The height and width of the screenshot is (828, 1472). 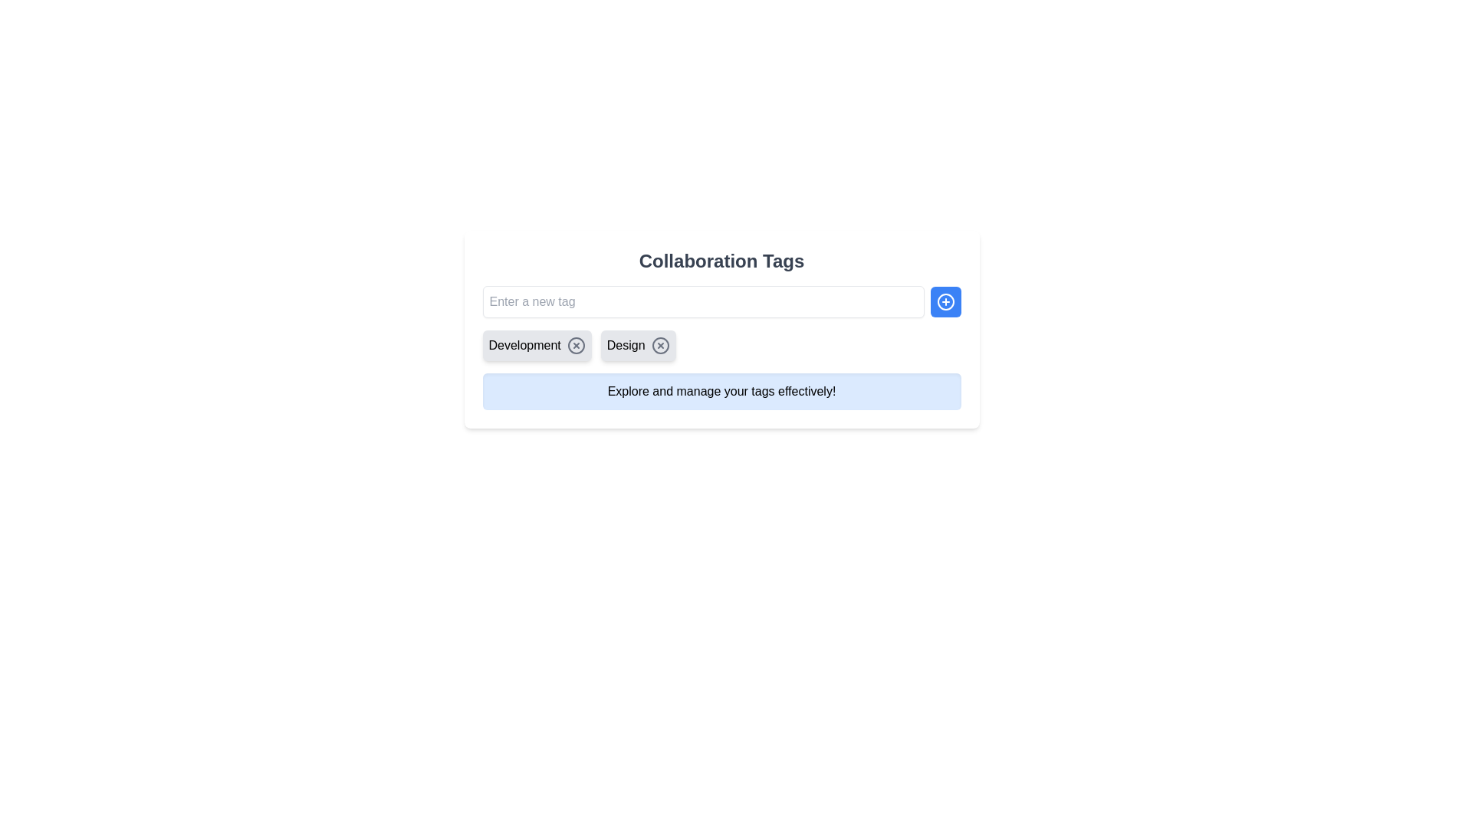 I want to click on the 'Development' text label, which is styled with bold, dark gray text on a light gray background, from its position in the 'Collaboration Tags' area, so click(x=524, y=346).